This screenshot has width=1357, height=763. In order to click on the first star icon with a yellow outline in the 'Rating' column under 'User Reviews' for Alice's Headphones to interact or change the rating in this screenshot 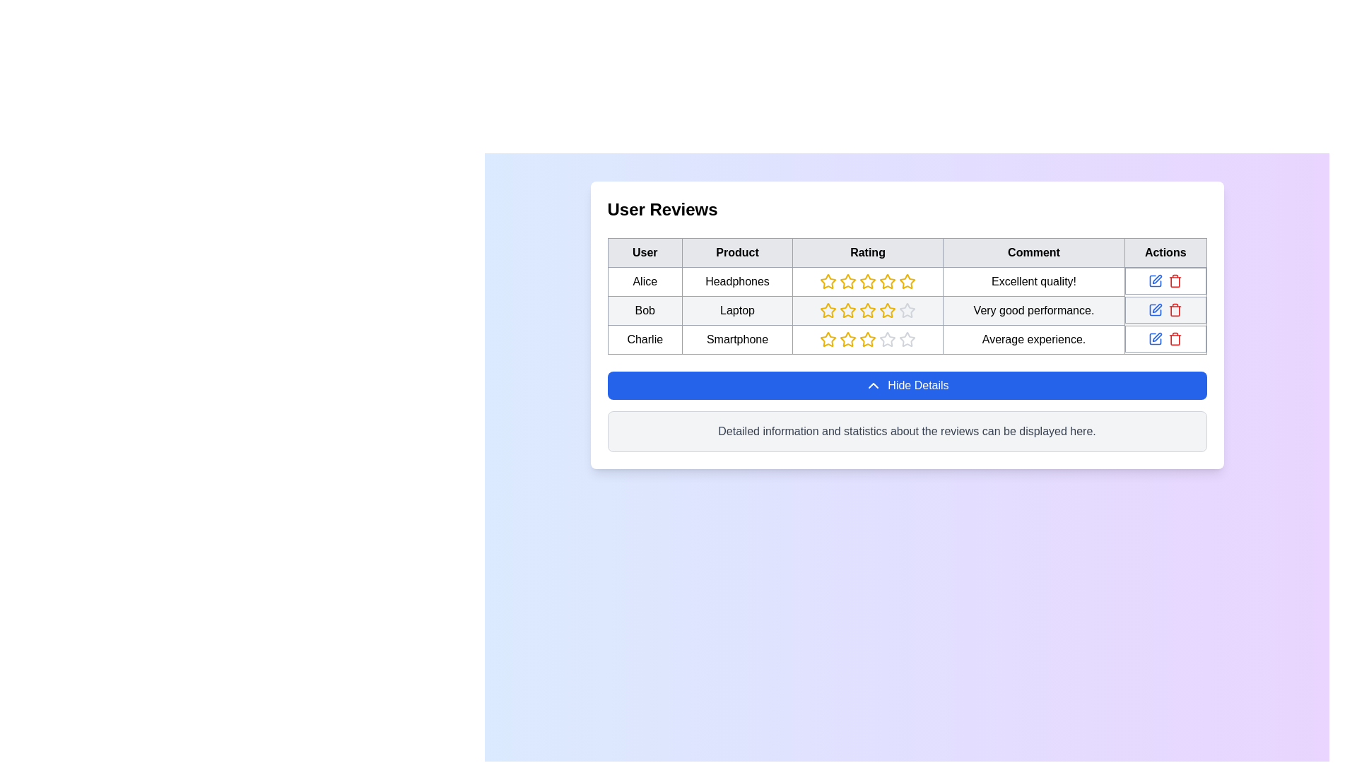, I will do `click(828, 281)`.